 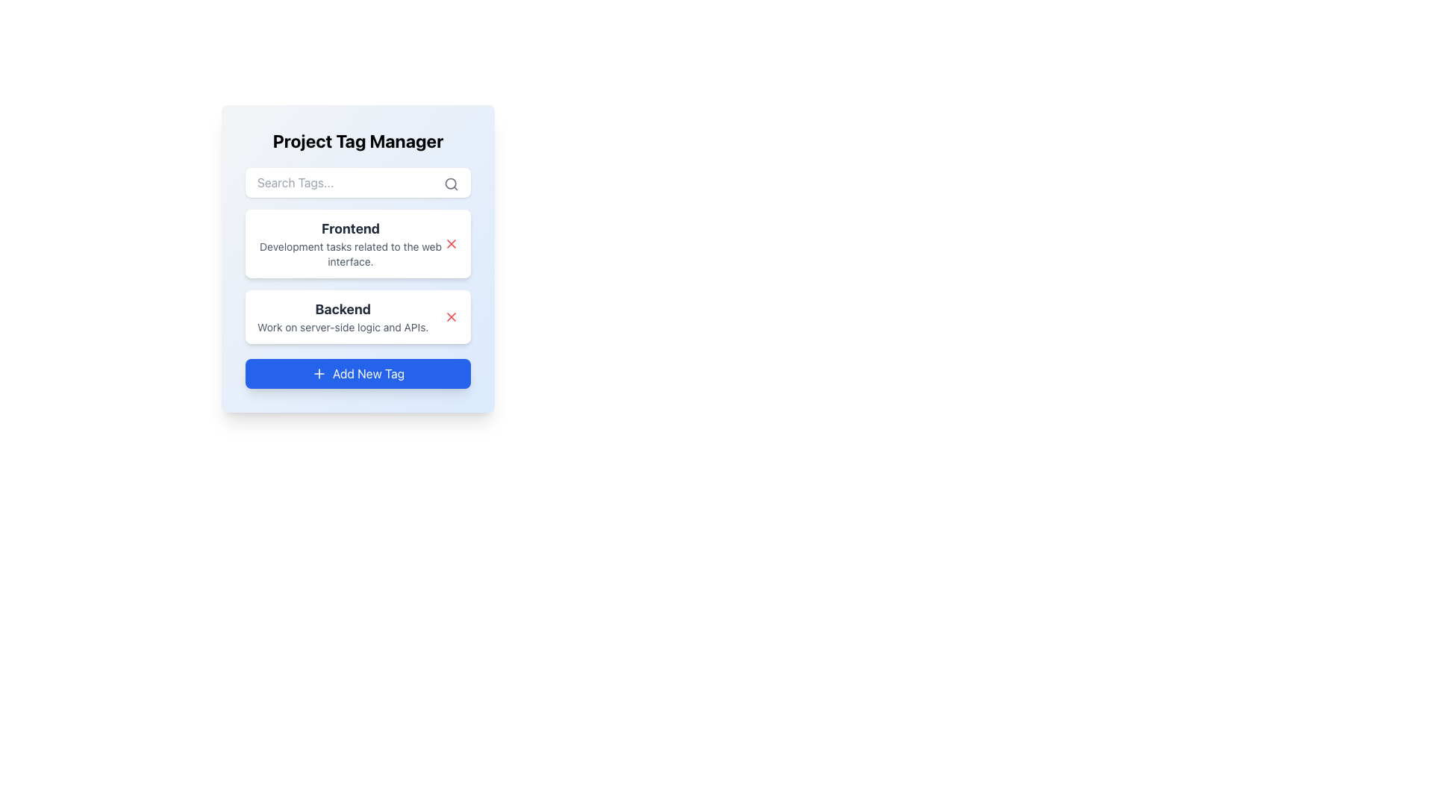 What do you see at coordinates (450, 243) in the screenshot?
I see `the red 'X' icon button located in the top-right corner of the 'Frontend' card` at bounding box center [450, 243].